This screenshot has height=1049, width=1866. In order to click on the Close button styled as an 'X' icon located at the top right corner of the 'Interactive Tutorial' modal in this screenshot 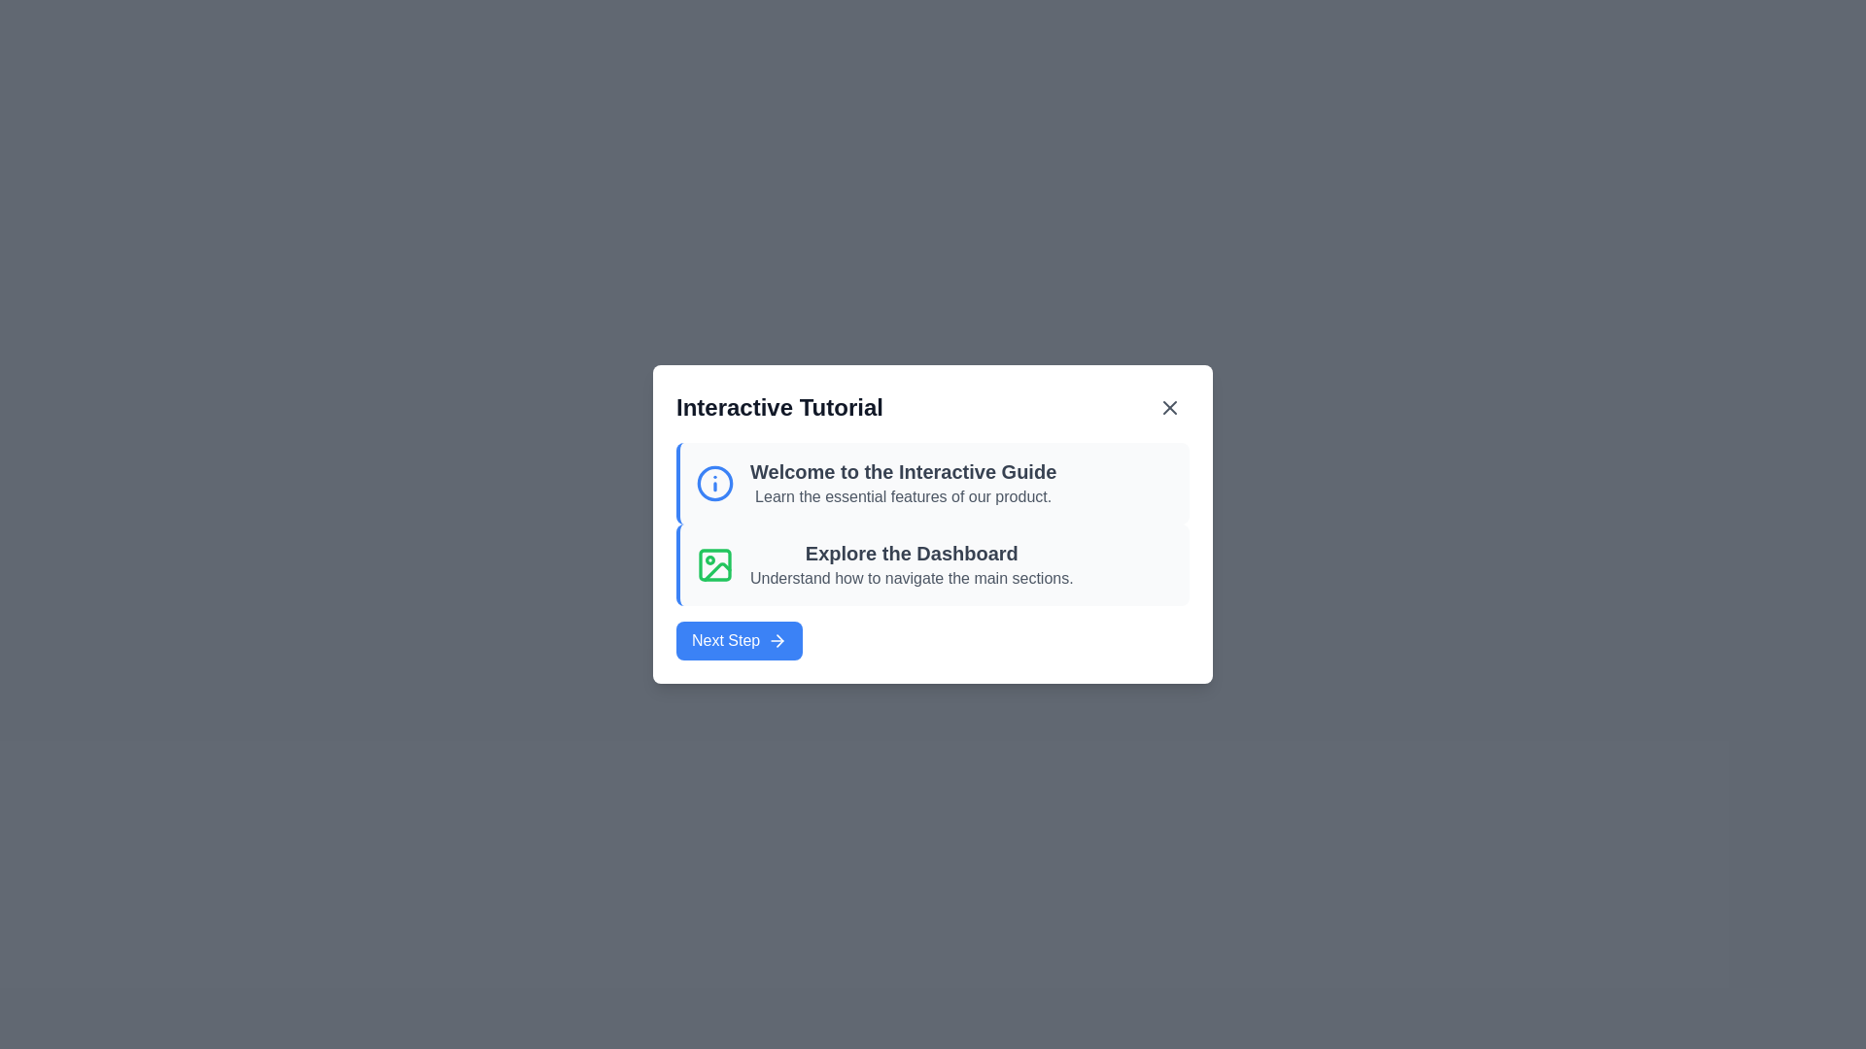, I will do `click(1169, 407)`.